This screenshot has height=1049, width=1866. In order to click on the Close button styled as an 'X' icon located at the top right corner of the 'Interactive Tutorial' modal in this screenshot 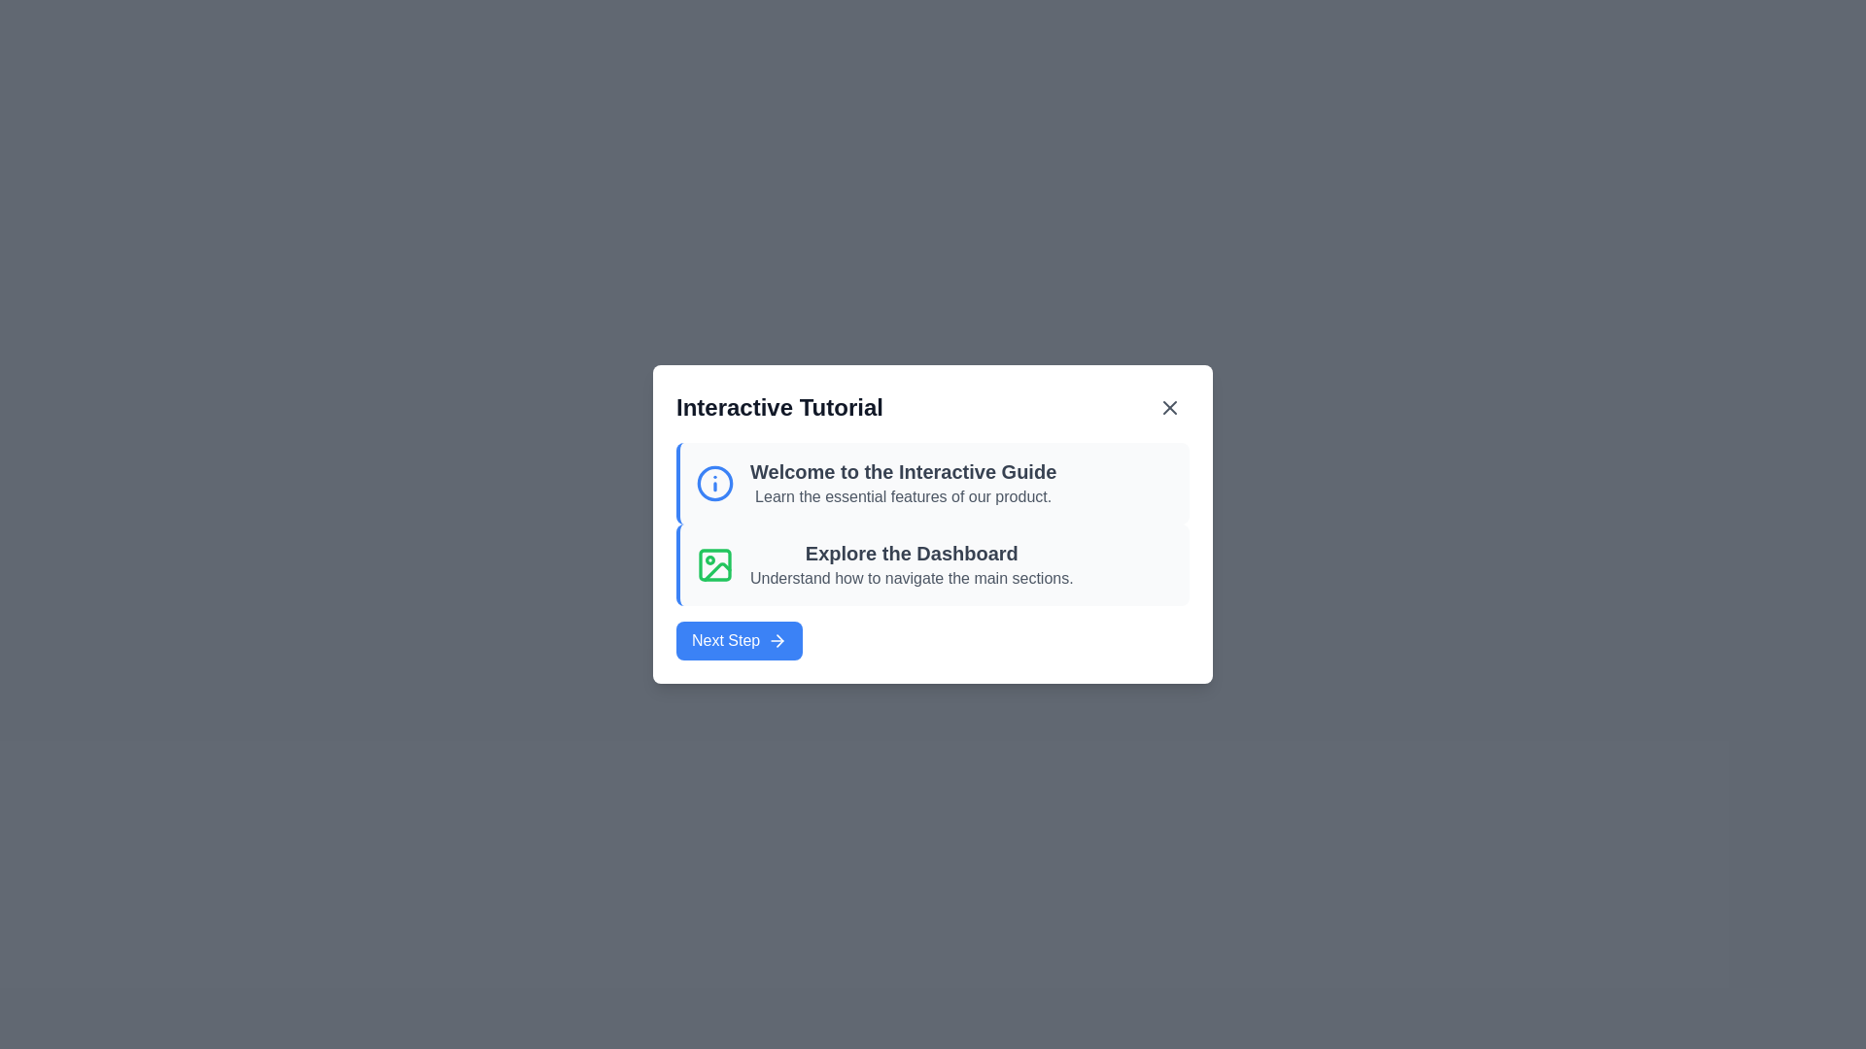, I will do `click(1169, 407)`.